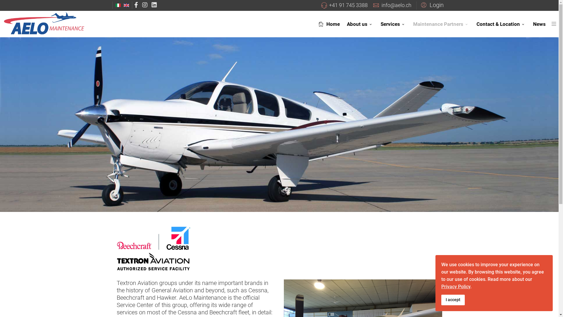 The height and width of the screenshot is (317, 563). I want to click on 'Menu', so click(554, 23).